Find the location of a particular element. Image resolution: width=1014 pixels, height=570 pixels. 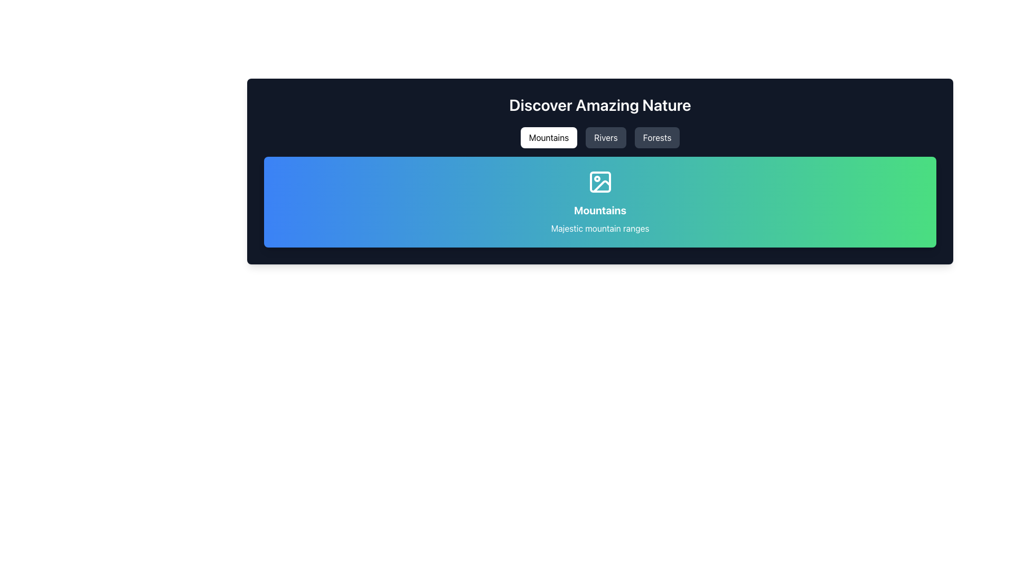

the 'Rivers' button, which is the second button in a row of three buttons labeled 'Mountains', 'Rivers', and 'Forests', located below the header 'Discover Amazing Nature' is located at coordinates (606, 137).